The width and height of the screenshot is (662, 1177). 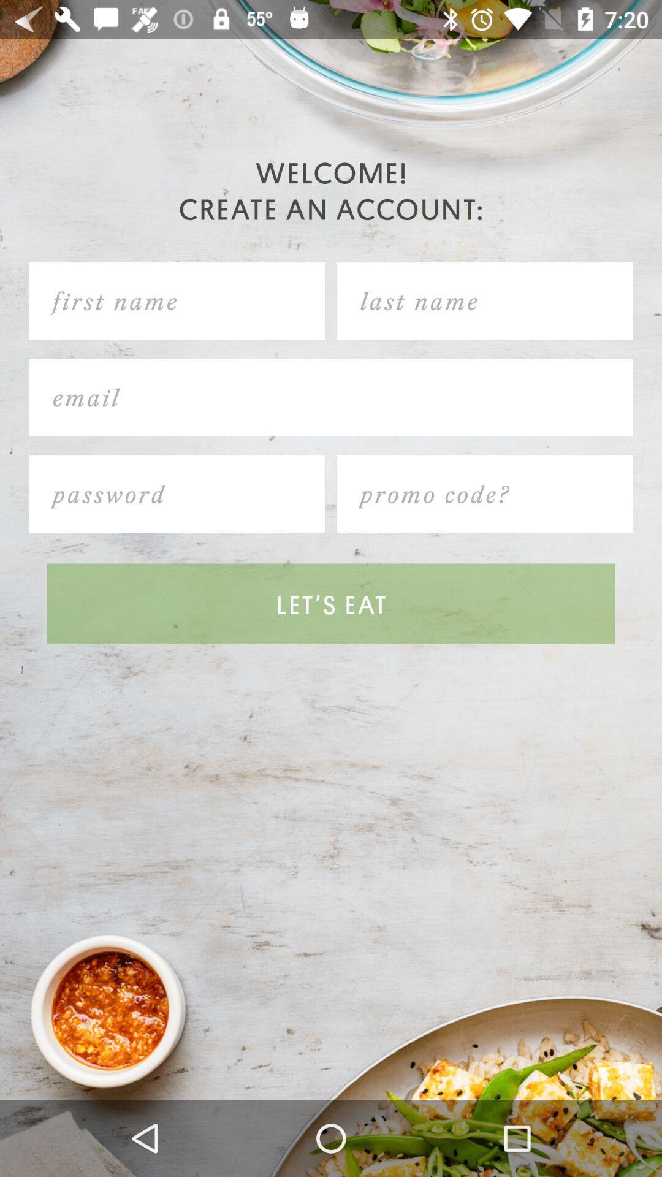 I want to click on last name, so click(x=484, y=301).